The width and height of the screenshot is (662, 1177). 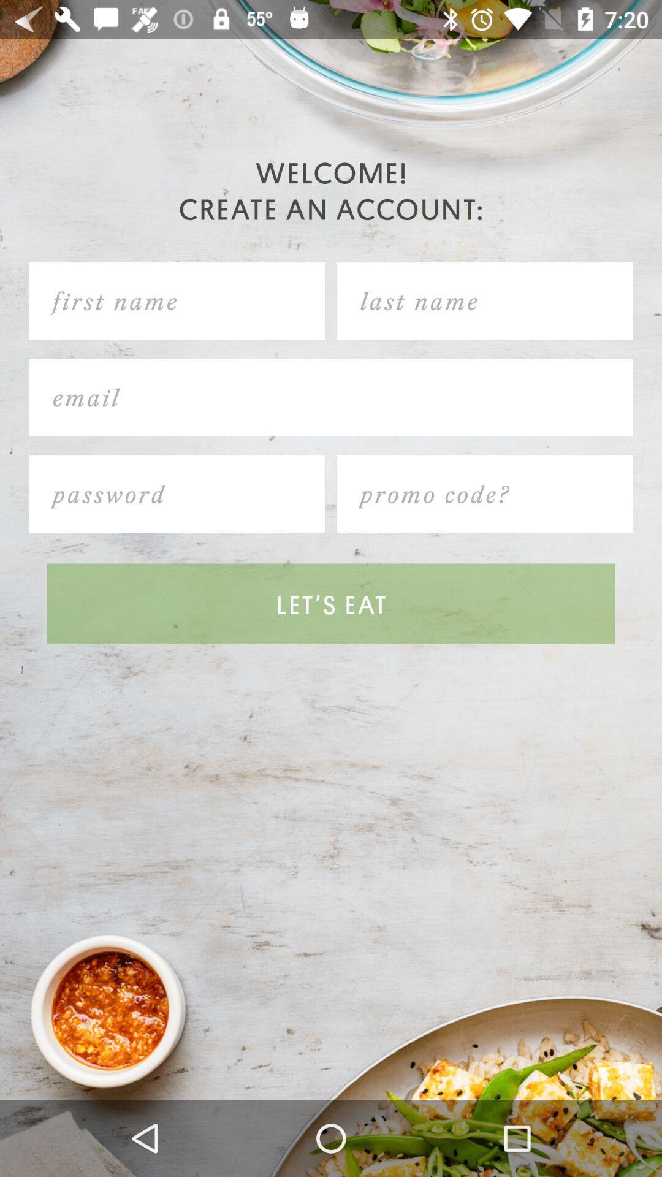 I want to click on last name, so click(x=484, y=301).